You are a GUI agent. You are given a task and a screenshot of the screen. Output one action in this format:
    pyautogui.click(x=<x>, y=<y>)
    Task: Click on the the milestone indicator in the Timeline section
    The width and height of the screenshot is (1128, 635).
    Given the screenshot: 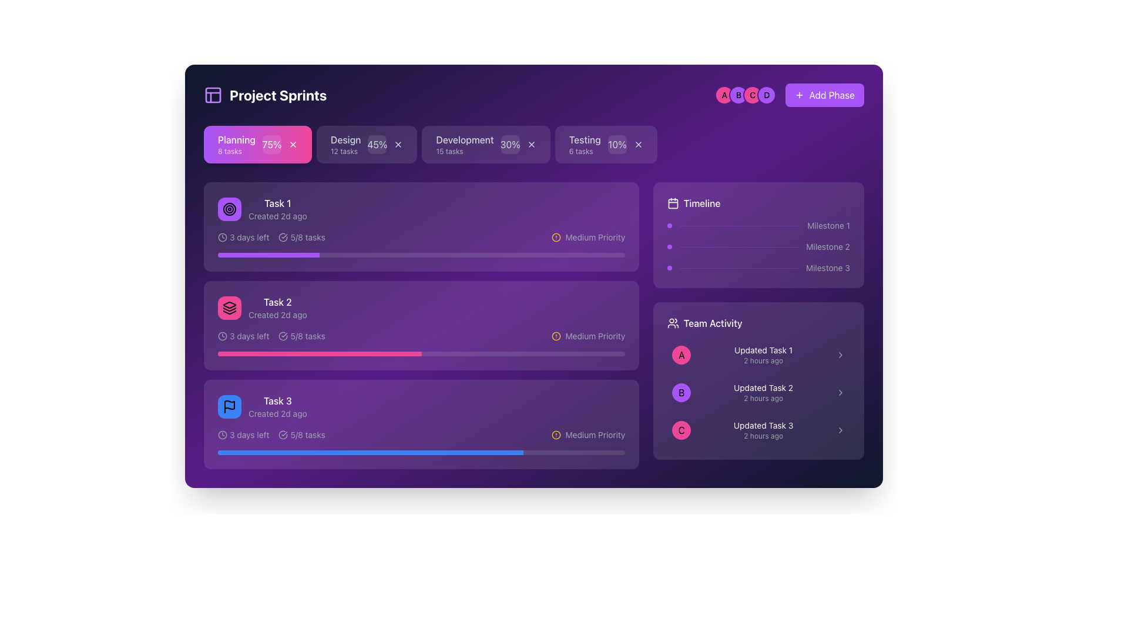 What is the action you would take?
    pyautogui.click(x=758, y=246)
    